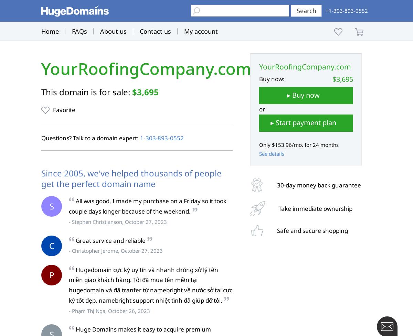 This screenshot has height=336, width=413. Describe the element at coordinates (109, 310) in the screenshot. I see `'- Phạm Thị Nga, October 26, 2023'` at that location.